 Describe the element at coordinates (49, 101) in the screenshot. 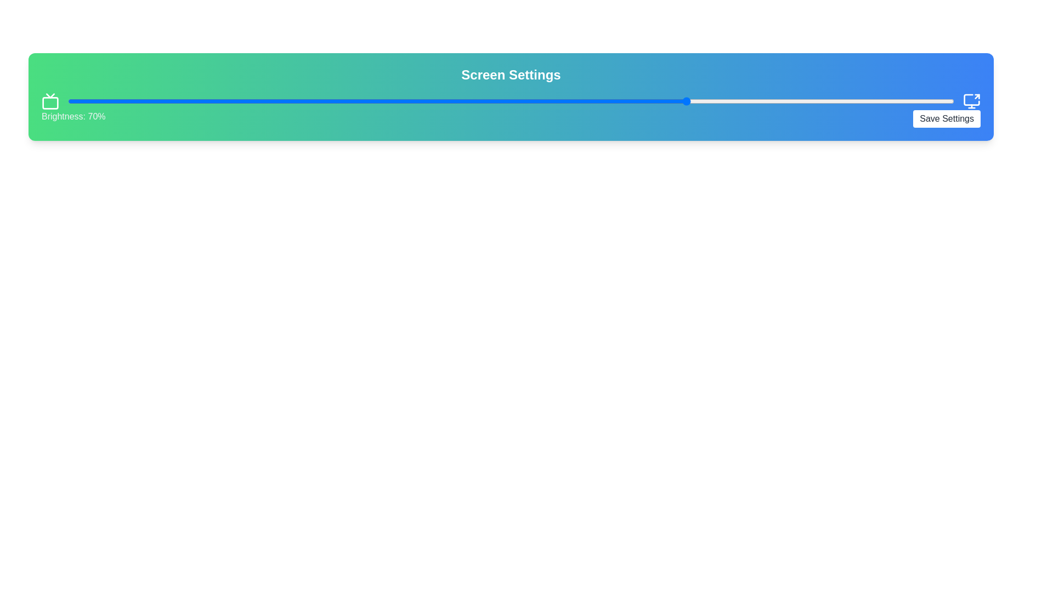

I see `the TV icon to interact with it` at that location.